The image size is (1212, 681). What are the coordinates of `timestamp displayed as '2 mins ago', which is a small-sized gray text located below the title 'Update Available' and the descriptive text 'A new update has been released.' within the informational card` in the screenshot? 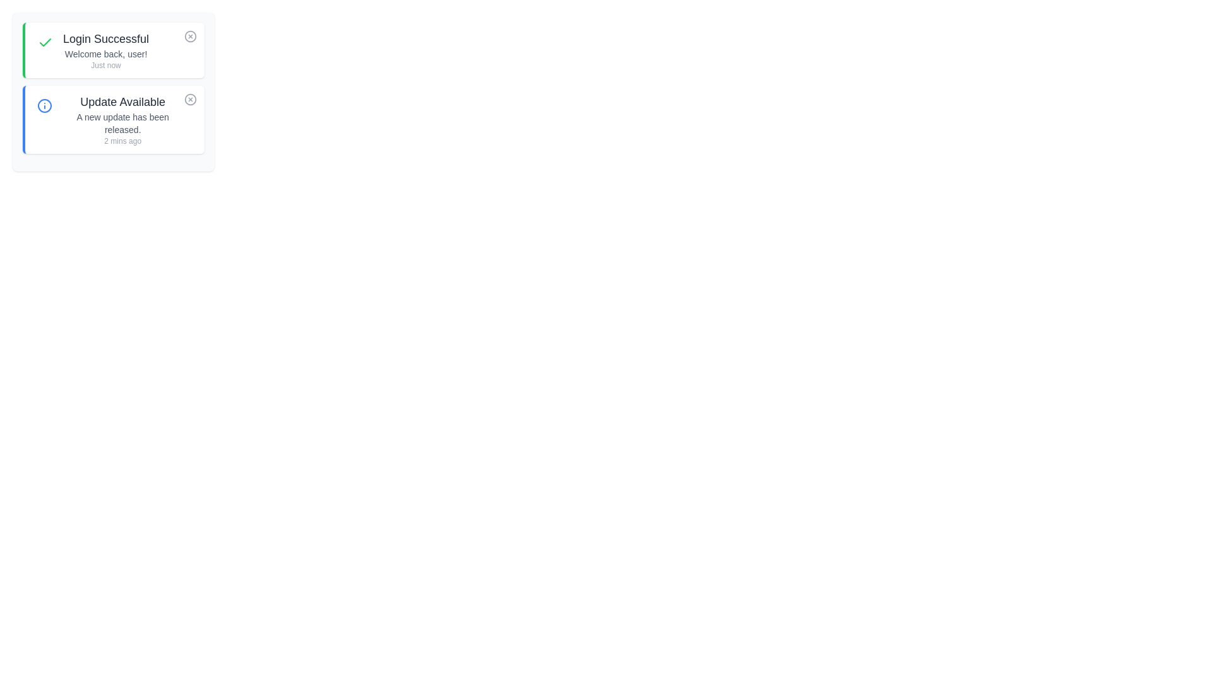 It's located at (122, 141).